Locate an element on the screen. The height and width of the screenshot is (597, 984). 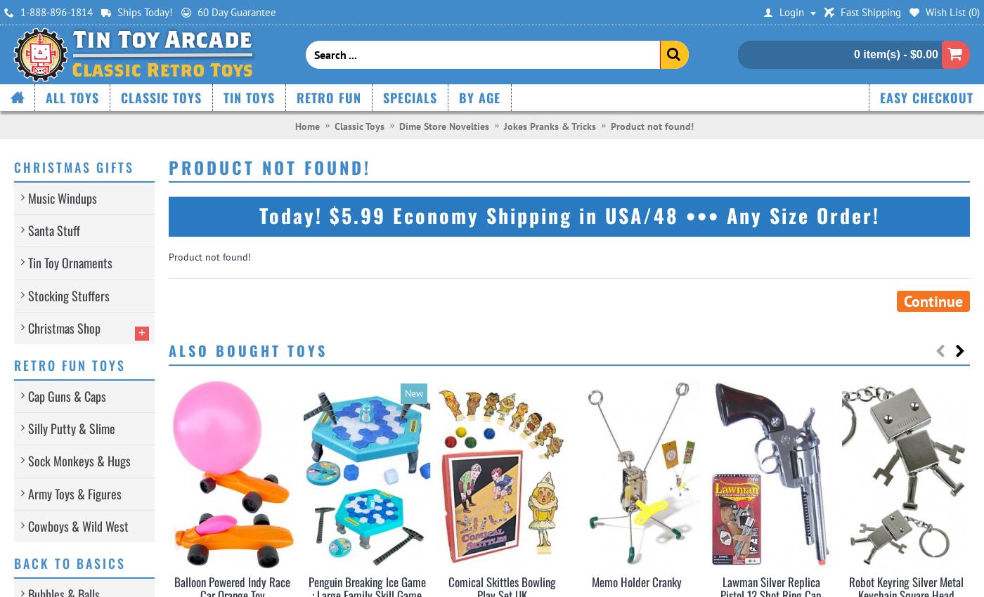
'Today! $5.99 Economy Shipping in USA/48 ••• Any Size Order!' is located at coordinates (569, 215).